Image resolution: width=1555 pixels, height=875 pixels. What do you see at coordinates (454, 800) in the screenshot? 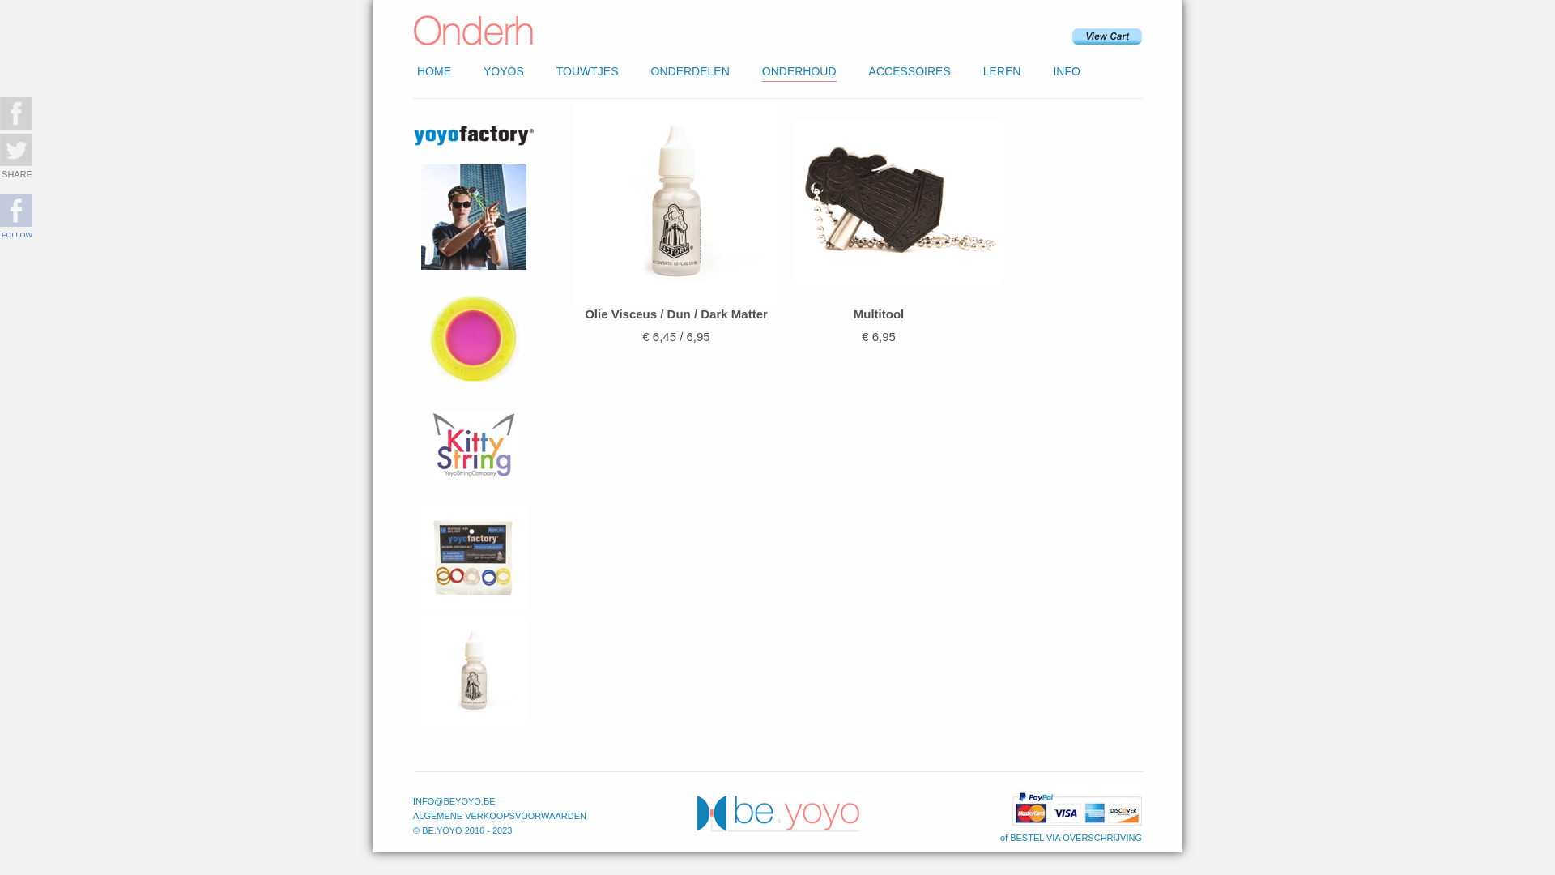
I see `'INFO@BEYOYO.BE'` at bounding box center [454, 800].